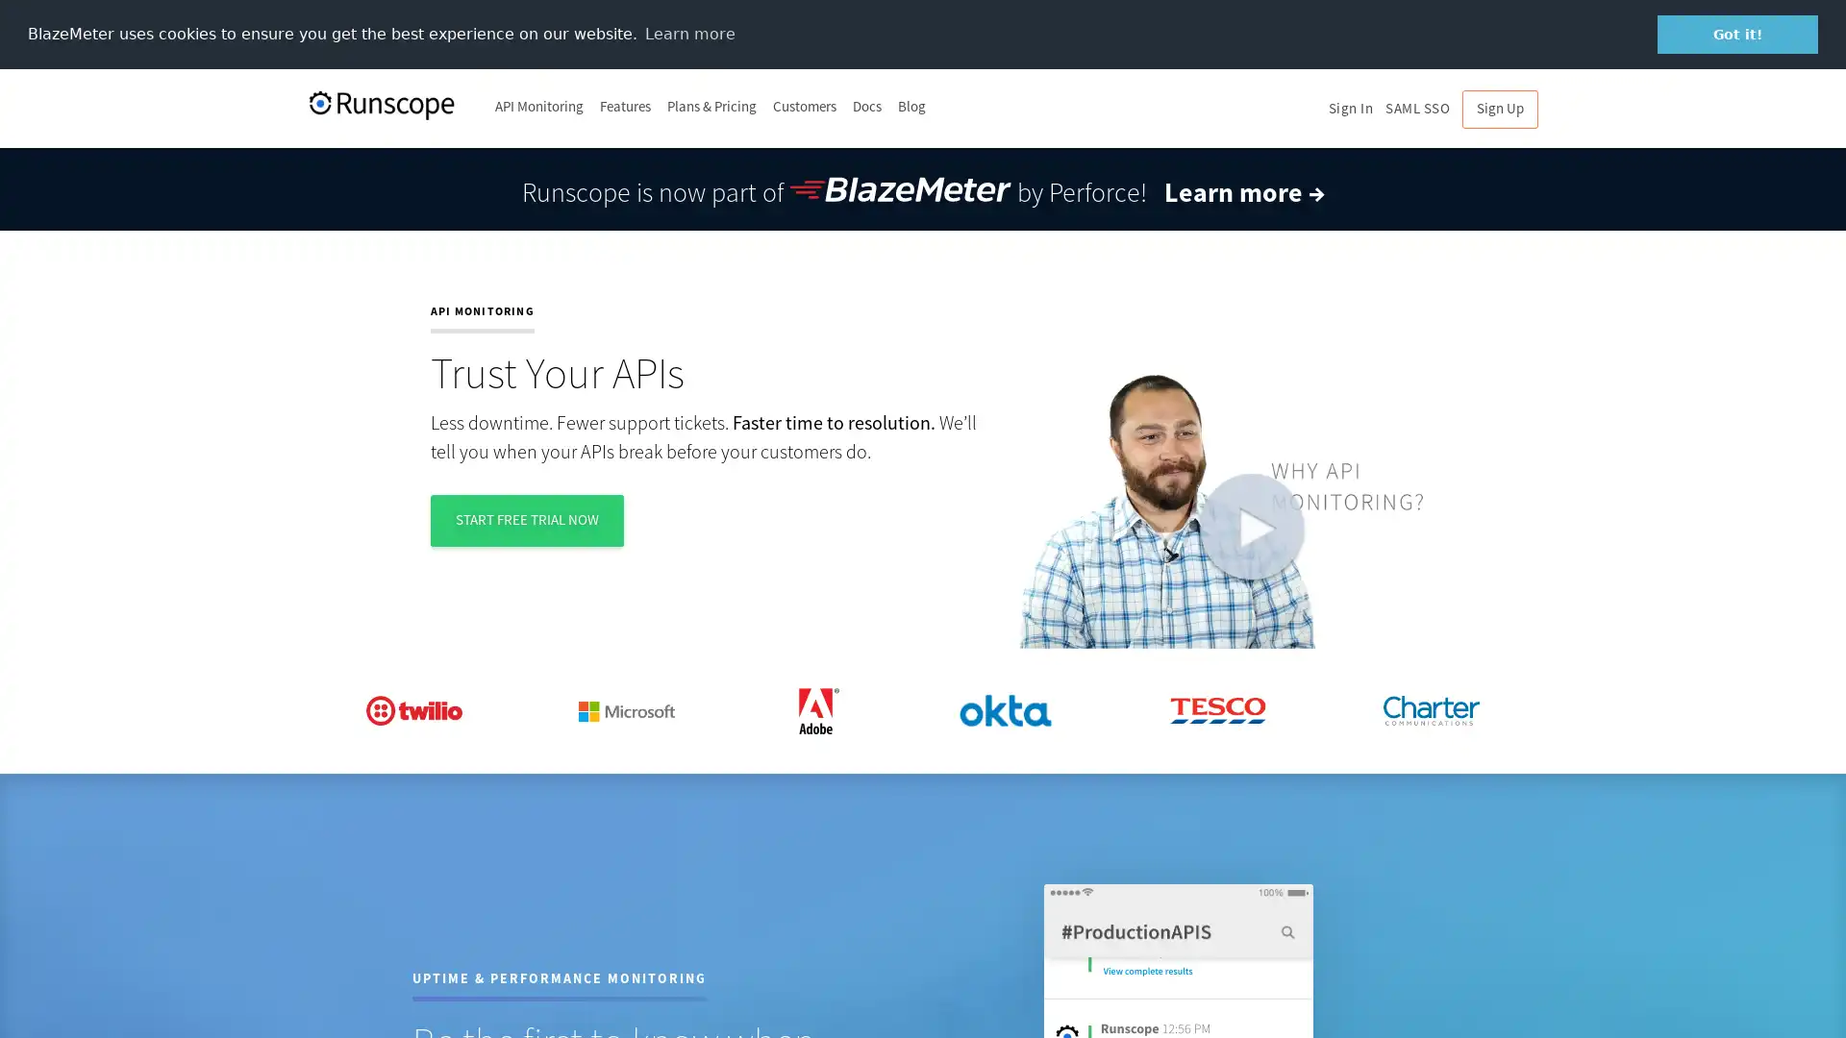 The image size is (1846, 1038). Describe the element at coordinates (689, 33) in the screenshot. I see `learn more about cookies` at that location.